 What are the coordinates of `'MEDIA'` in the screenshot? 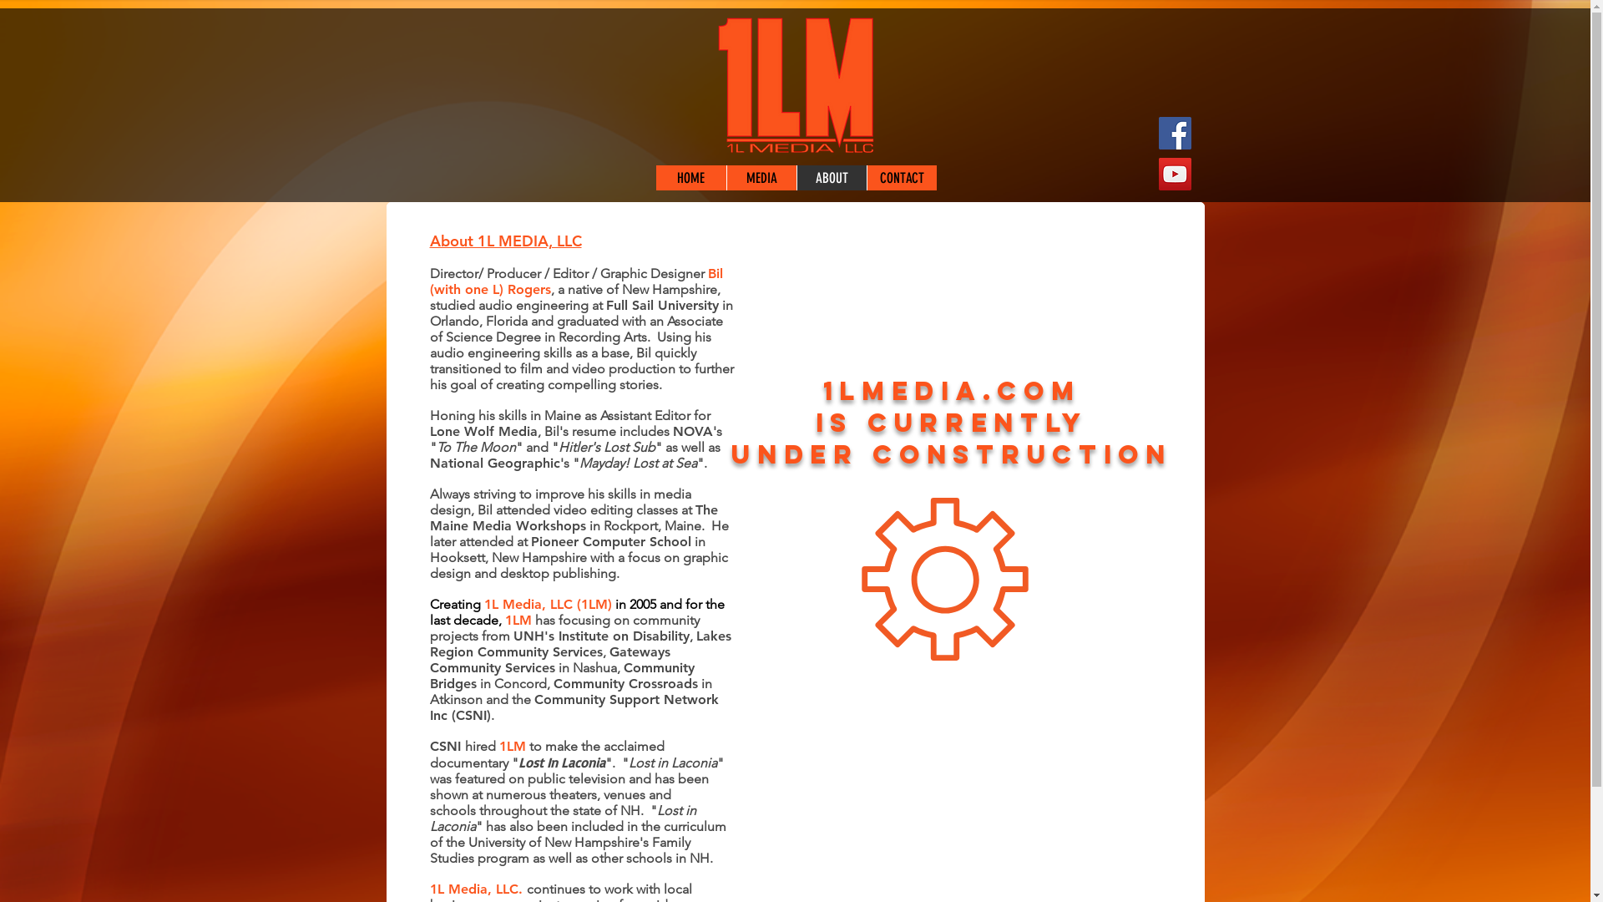 It's located at (761, 177).